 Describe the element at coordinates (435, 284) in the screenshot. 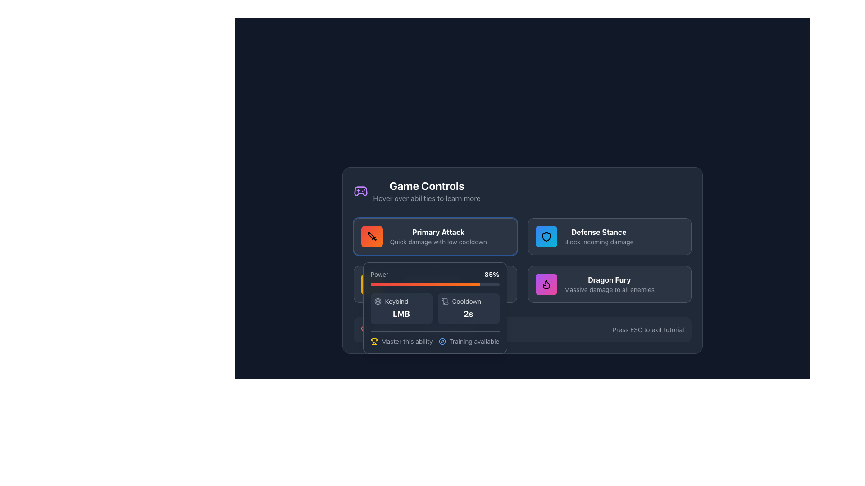

I see `the 'Power' progress bar element, which displays an 85% completion rate with a small gray label and bold white percentage text on the right` at that location.